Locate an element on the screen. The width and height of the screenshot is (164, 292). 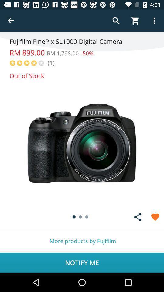
as favorite is located at coordinates (155, 217).